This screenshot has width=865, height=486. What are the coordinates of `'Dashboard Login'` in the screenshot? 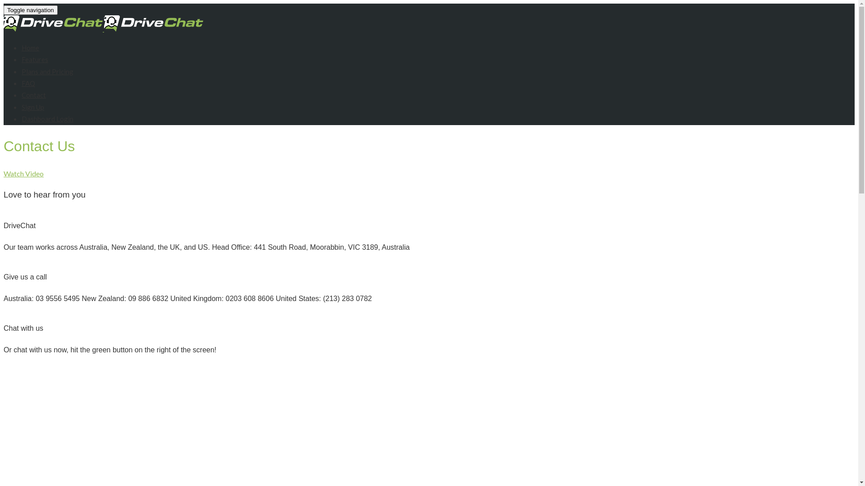 It's located at (47, 118).